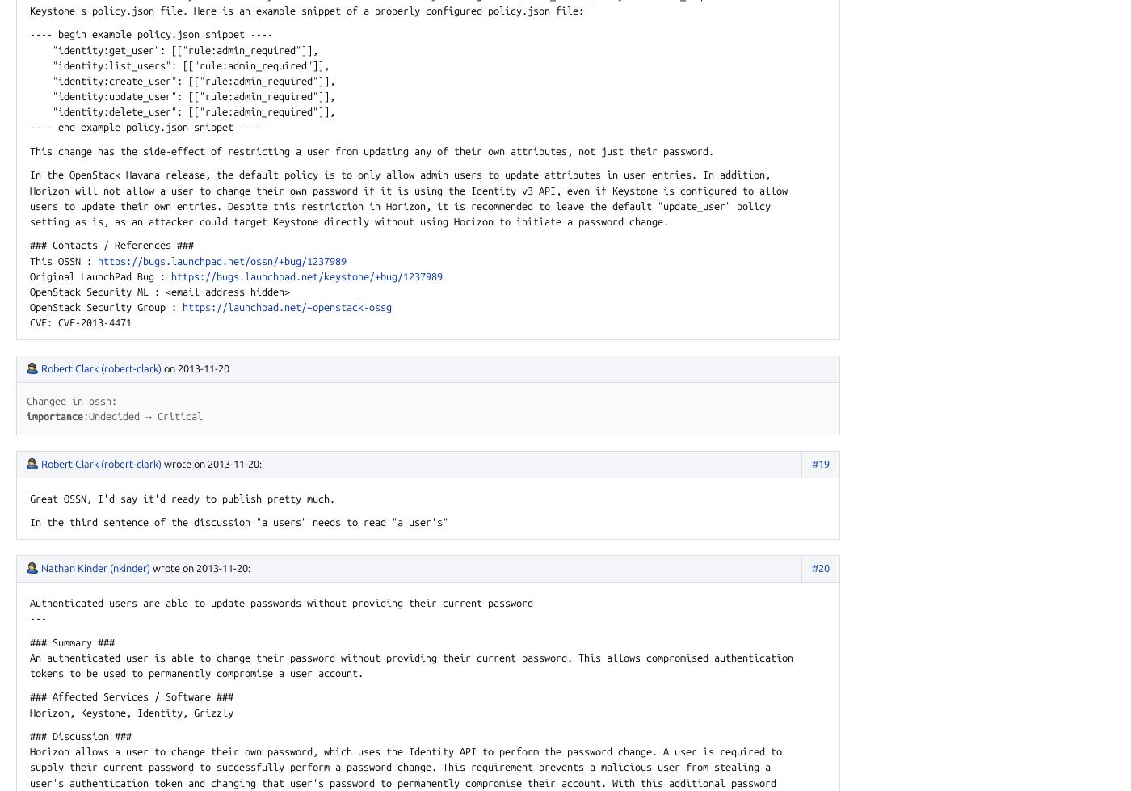 The width and height of the screenshot is (1131, 791). I want to click on '/launchpad.', so click(221, 307).